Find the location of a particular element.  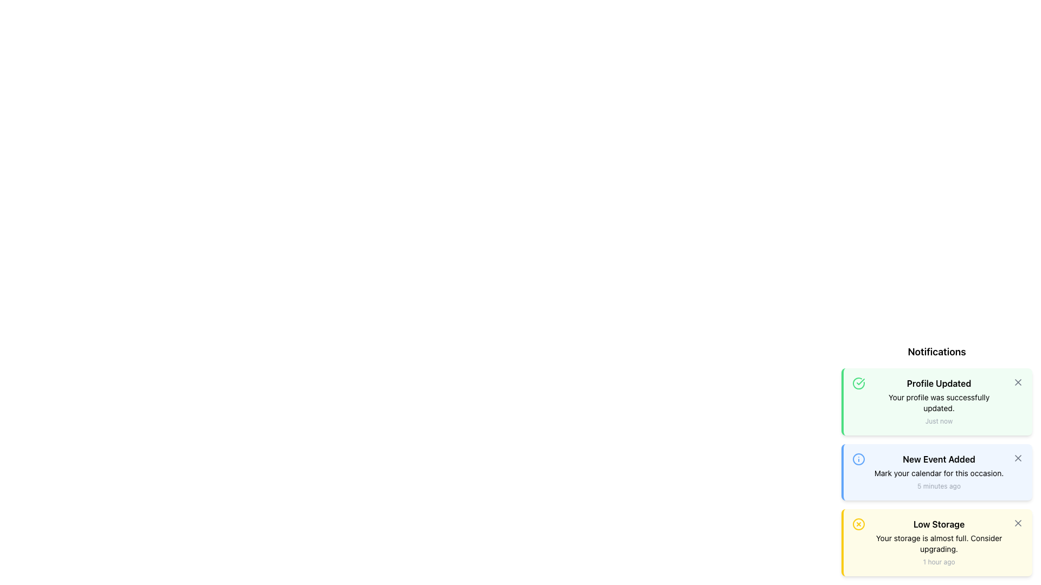

the circular warning icon with a yellow outline and 'X' mark at the beginning of the 'Low Storage' notification box, which is located at the upper-left corner of the last notification card is located at coordinates (858, 524).